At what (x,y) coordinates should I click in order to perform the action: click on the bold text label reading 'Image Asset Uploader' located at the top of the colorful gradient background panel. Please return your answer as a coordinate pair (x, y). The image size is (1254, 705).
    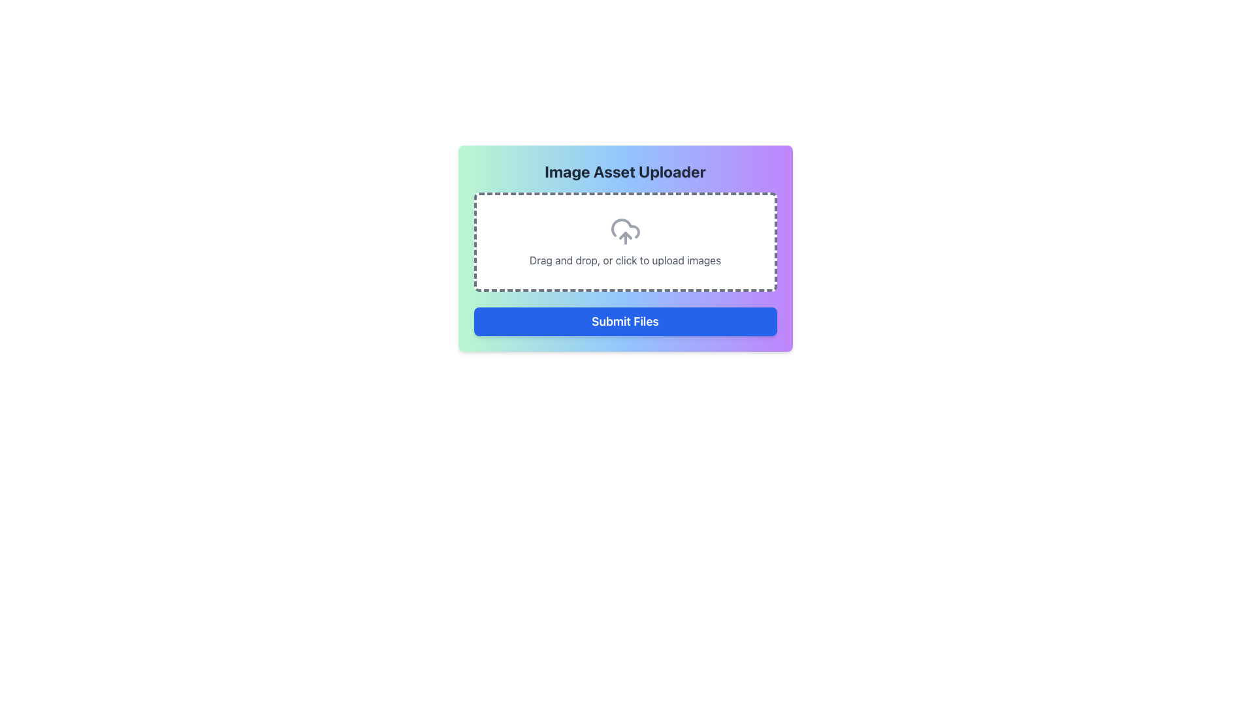
    Looking at the image, I should click on (624, 170).